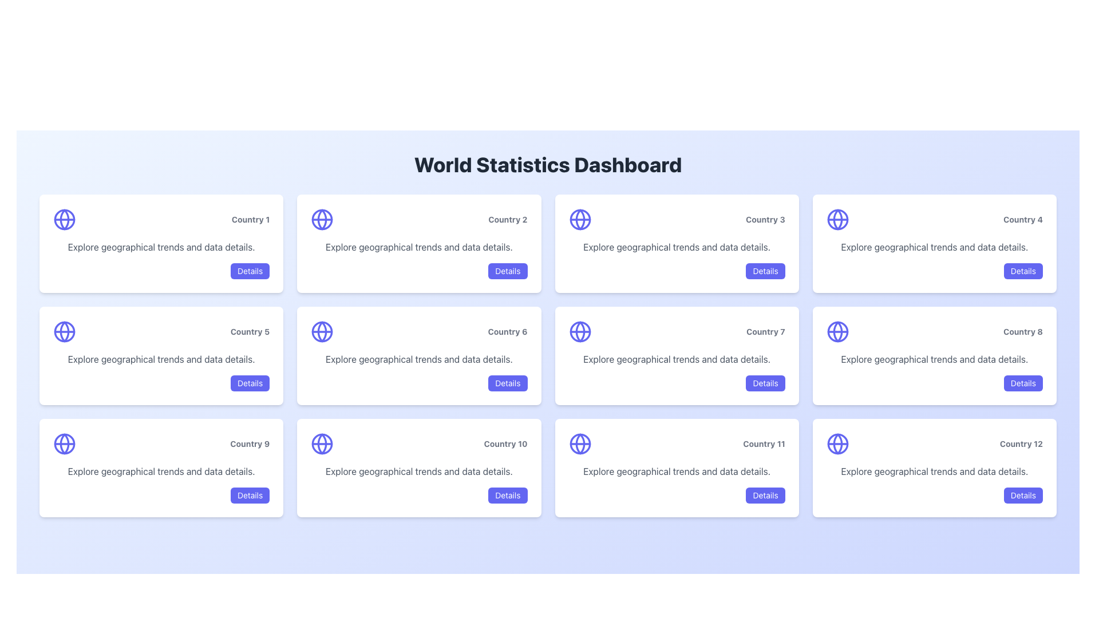 This screenshot has height=618, width=1099. Describe the element at coordinates (161, 247) in the screenshot. I see `the text label component within the 'Country 1' card, which provides an overview of geographical trends and data details` at that location.